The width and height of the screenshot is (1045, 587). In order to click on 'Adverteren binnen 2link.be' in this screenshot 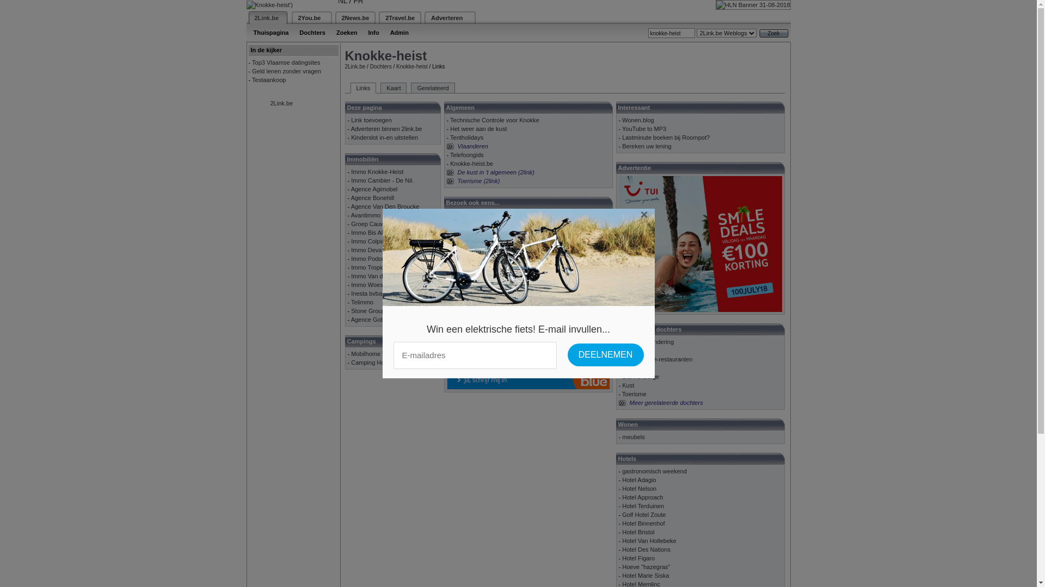, I will do `click(386, 128)`.